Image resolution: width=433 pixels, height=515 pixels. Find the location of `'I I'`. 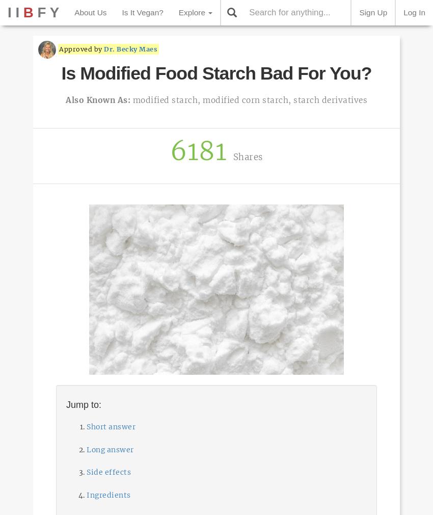

'I I' is located at coordinates (15, 12).